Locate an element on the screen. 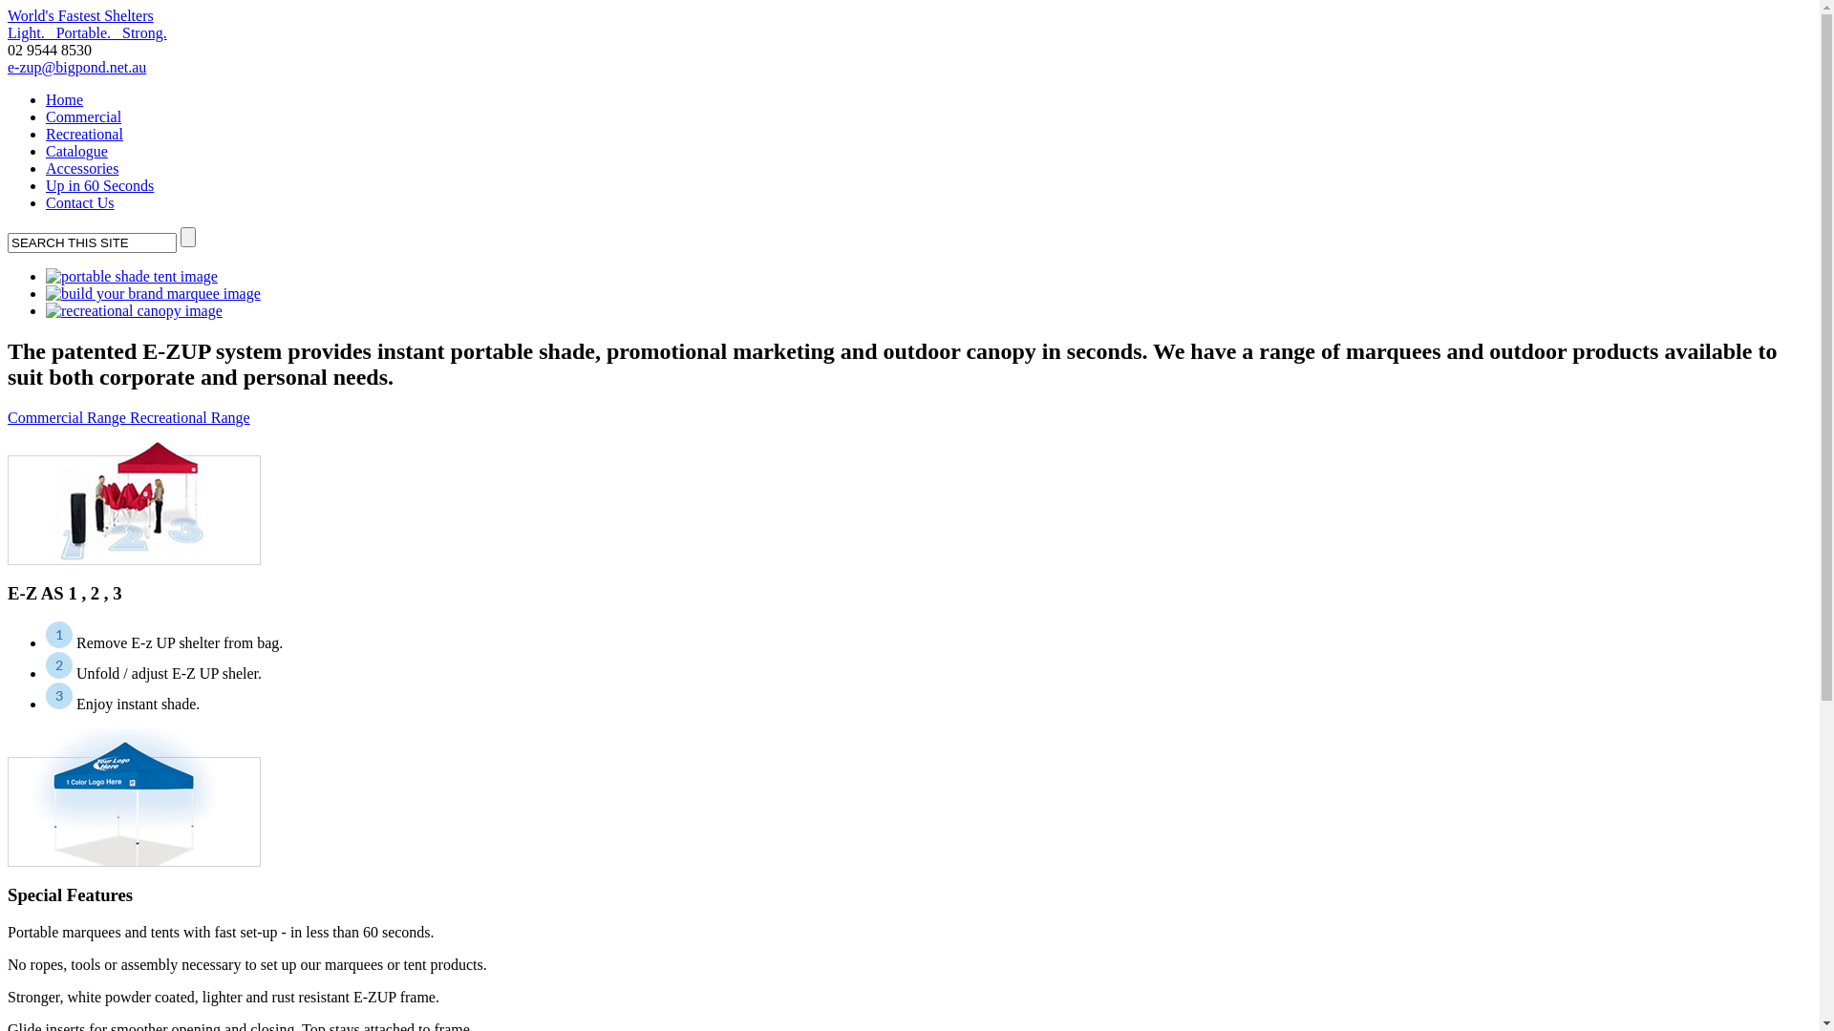  'World's Fastest Shelters is located at coordinates (908, 25).